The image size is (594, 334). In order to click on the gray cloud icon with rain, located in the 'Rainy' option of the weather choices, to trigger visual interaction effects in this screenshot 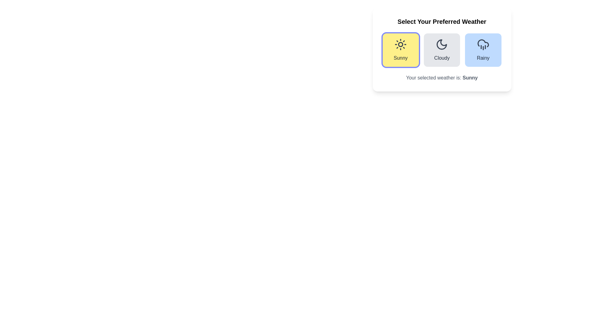, I will do `click(483, 44)`.